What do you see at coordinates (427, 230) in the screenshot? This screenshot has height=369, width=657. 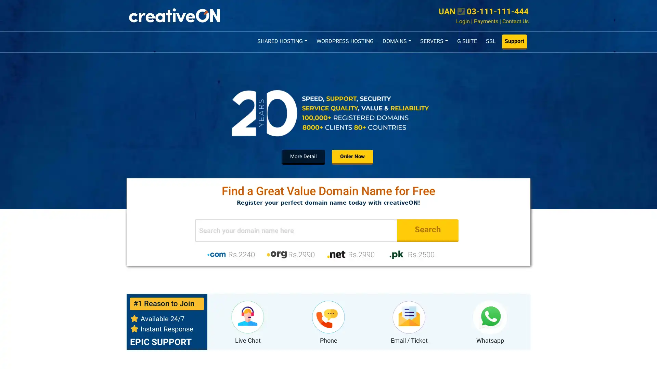 I see `Search` at bounding box center [427, 230].